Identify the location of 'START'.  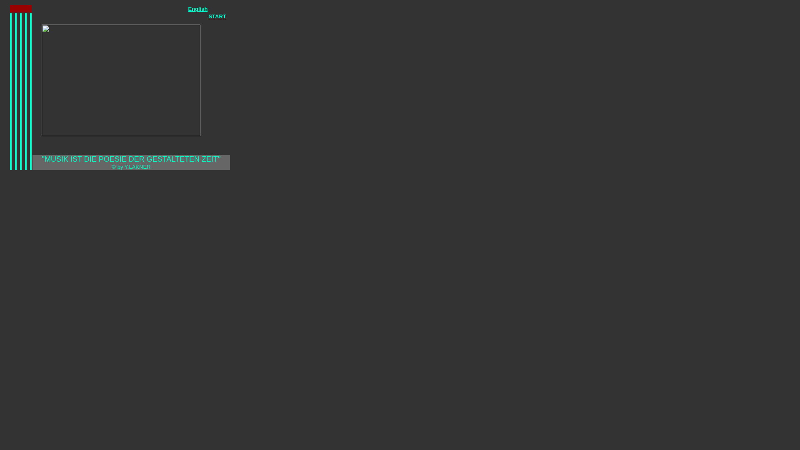
(217, 16).